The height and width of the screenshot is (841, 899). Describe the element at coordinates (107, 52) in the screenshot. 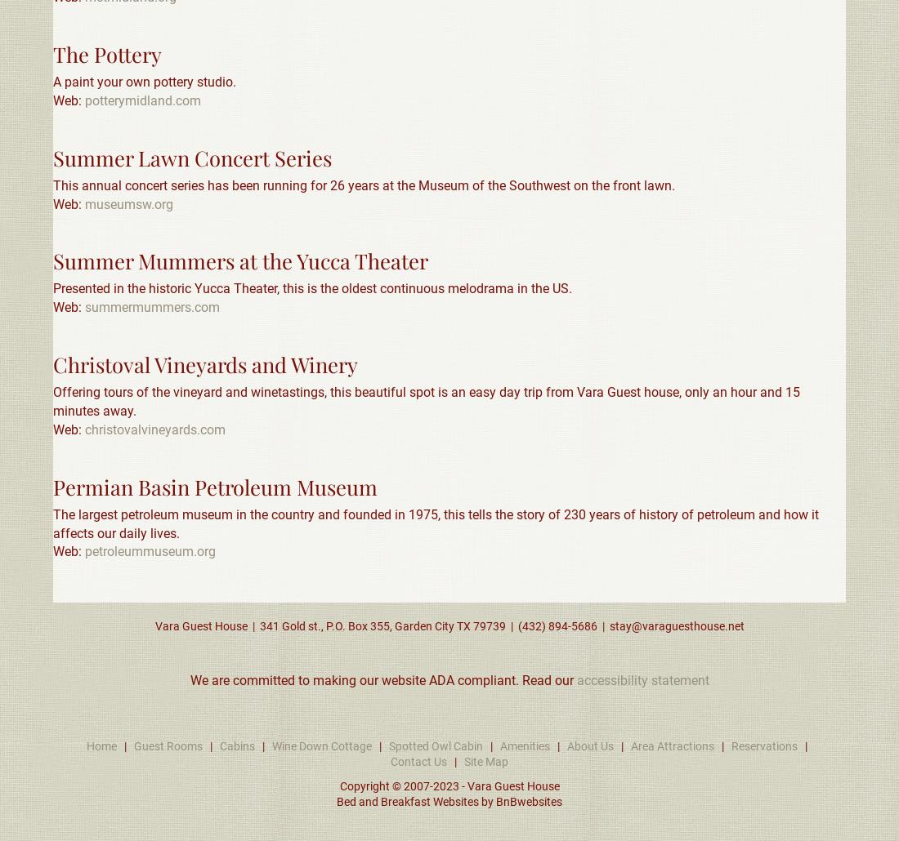

I see `'The Pottery'` at that location.